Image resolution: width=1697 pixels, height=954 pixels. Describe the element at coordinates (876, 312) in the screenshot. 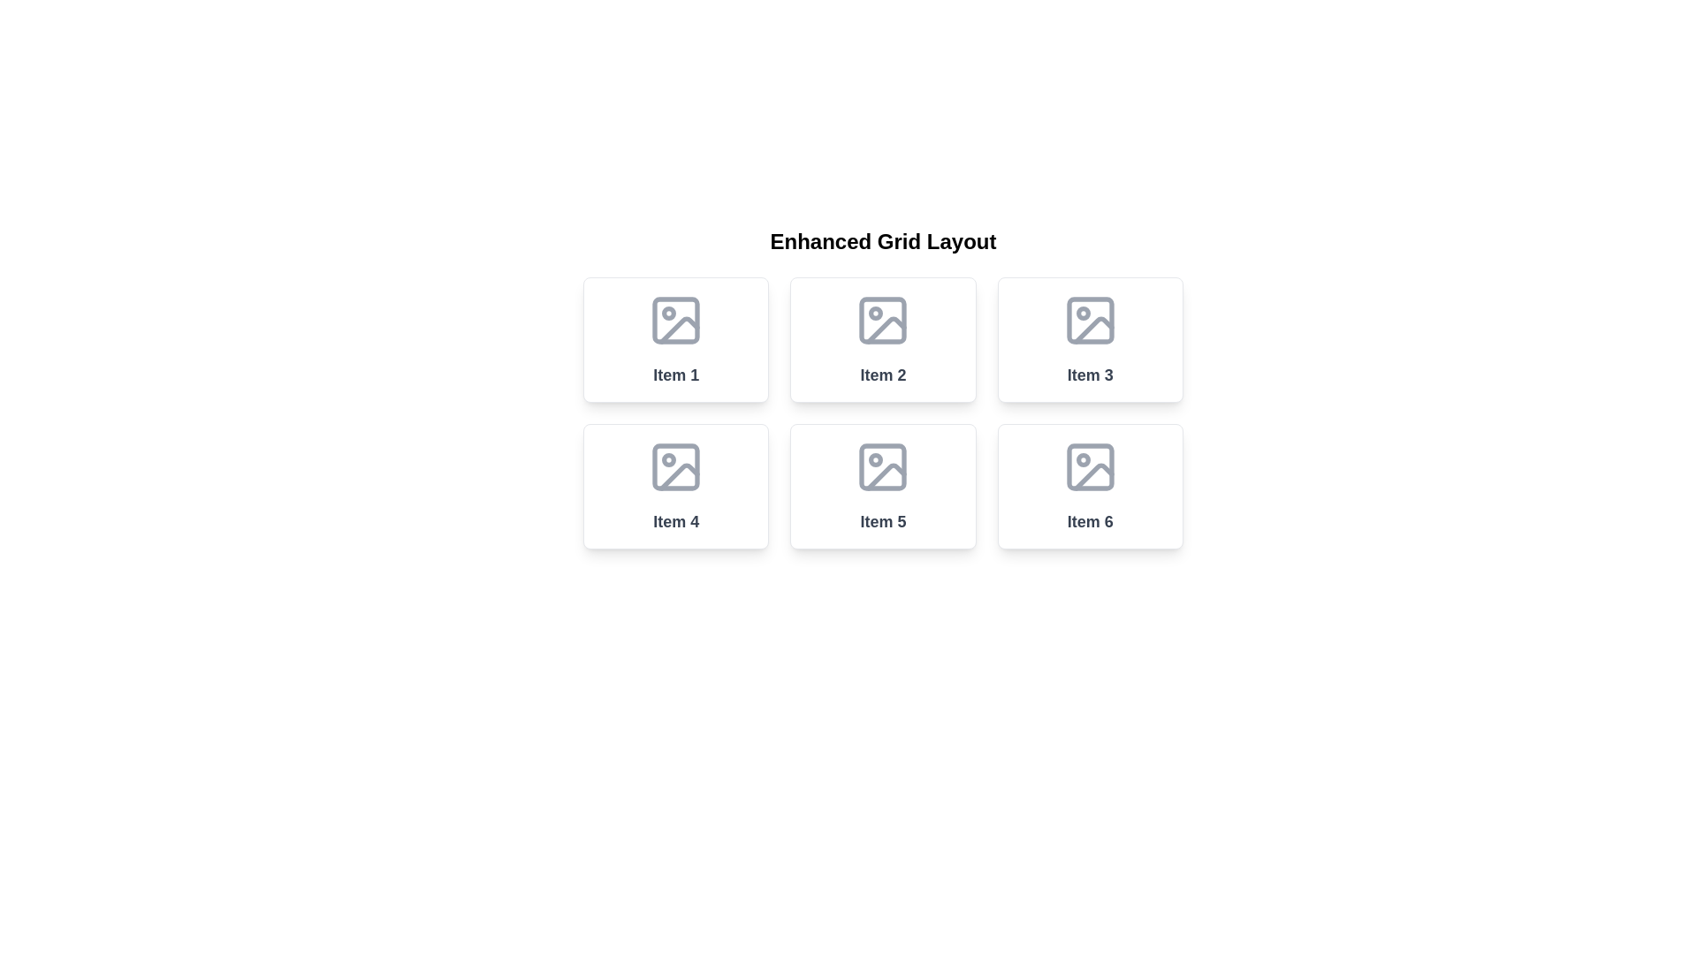

I see `the small circular dot within the pictographic icon resembling a mountain and sun, located in the second grid cell of the interface` at that location.